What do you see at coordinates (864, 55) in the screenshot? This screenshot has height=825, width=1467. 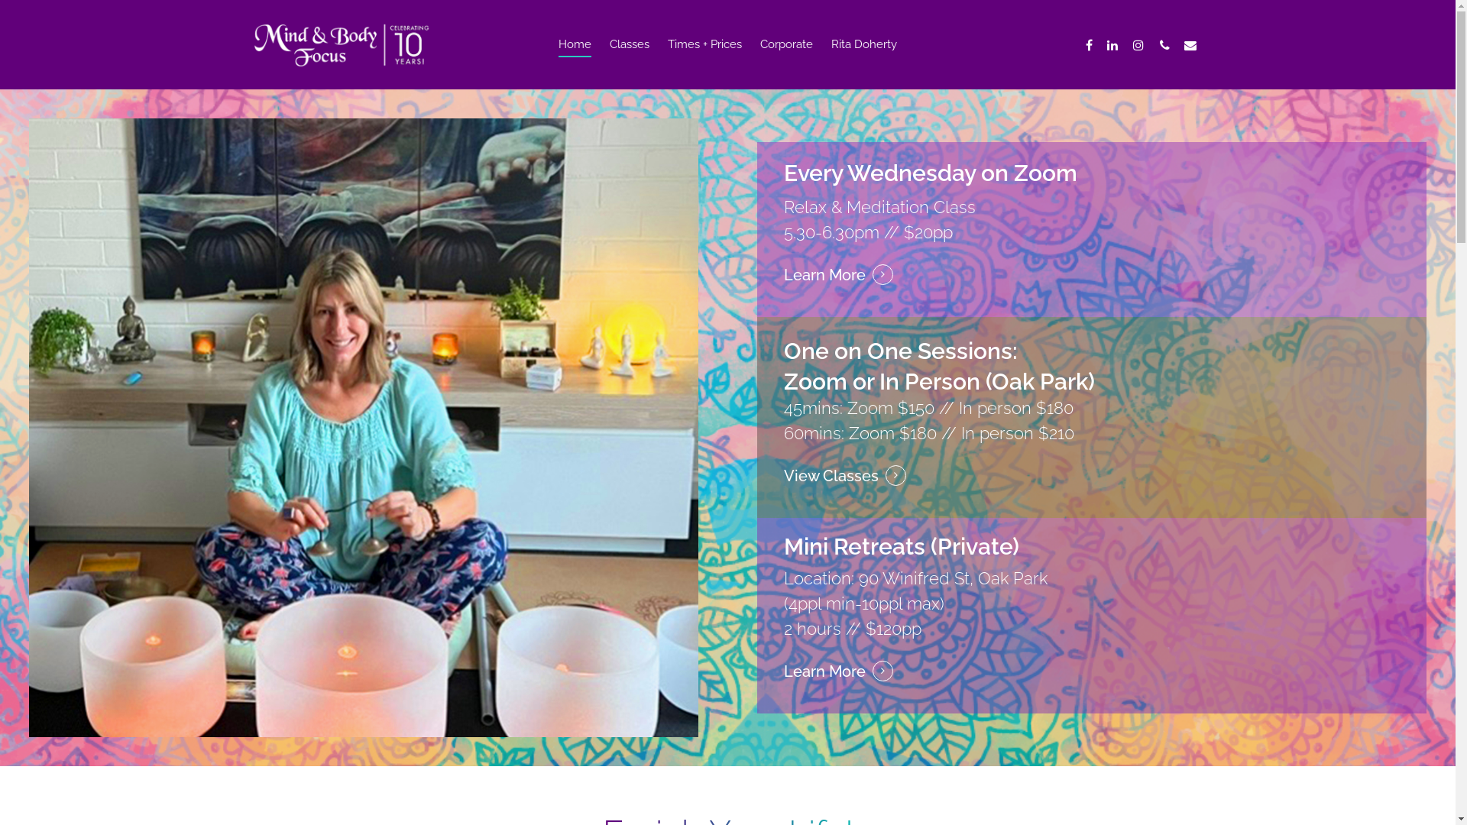 I see `'Rita Doherty'` at bounding box center [864, 55].